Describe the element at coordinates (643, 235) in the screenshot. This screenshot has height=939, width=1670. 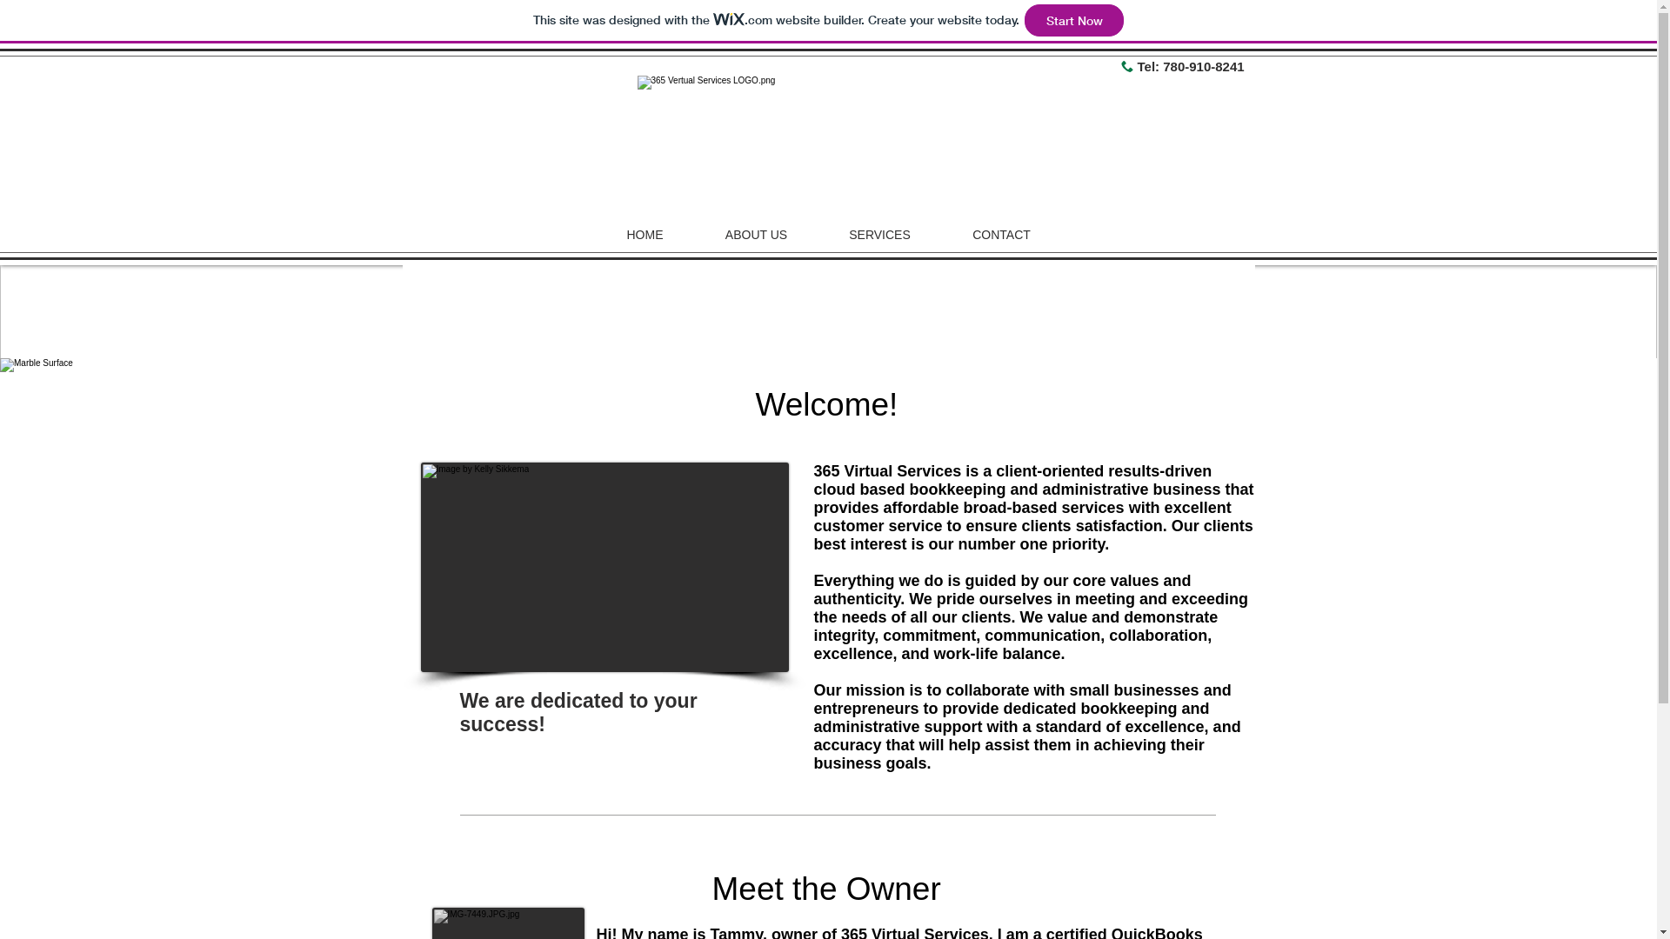
I see `'HOME'` at that location.